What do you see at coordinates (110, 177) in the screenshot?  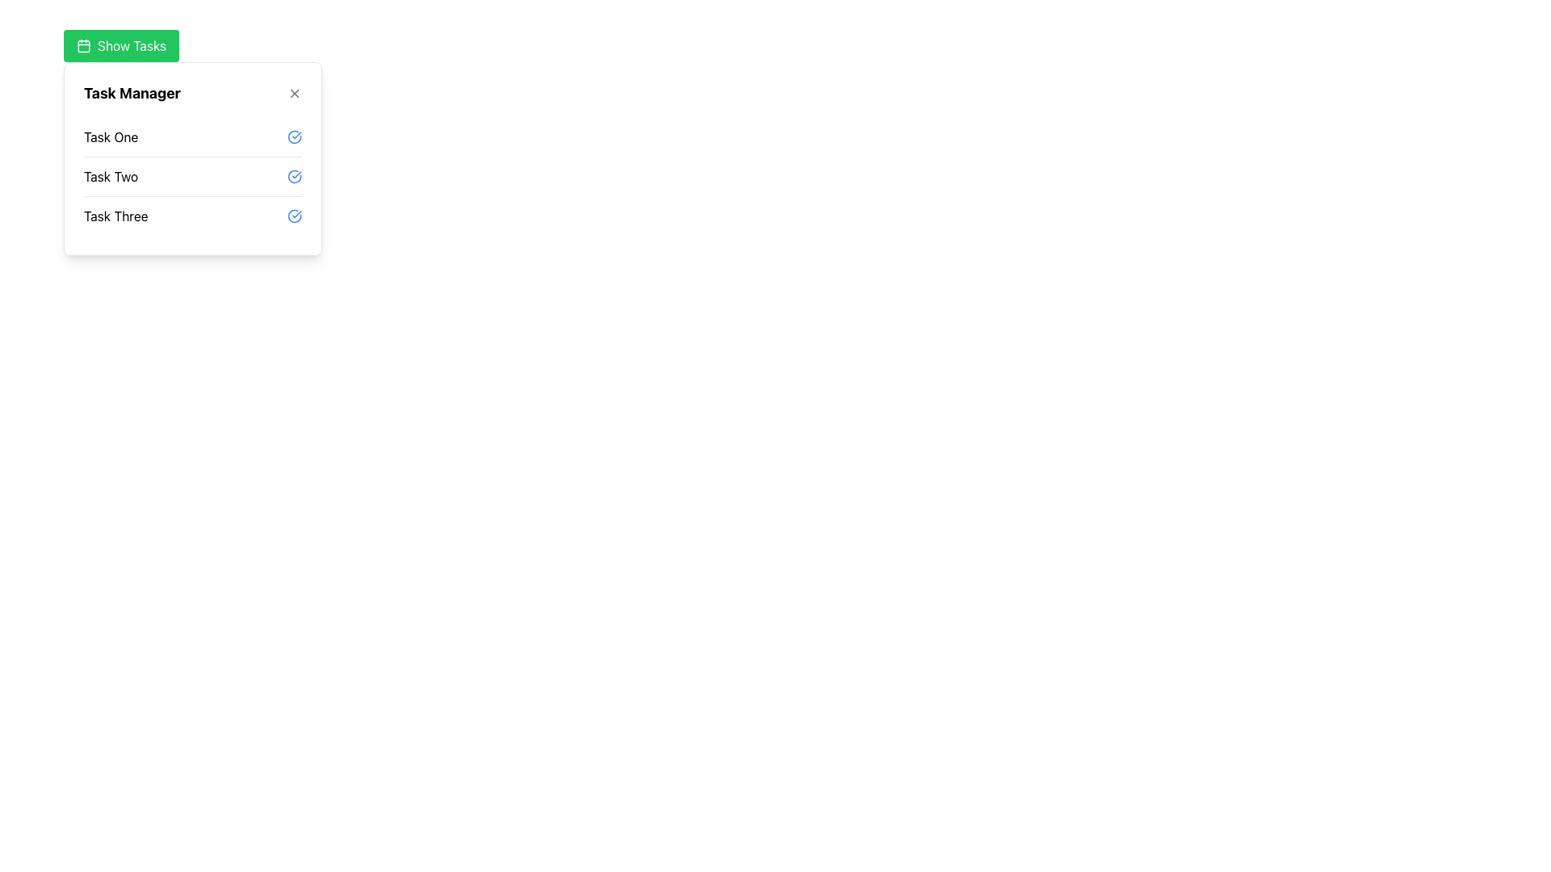 I see `the 'Task Two' text label in the 'Task Manager' panel, which displays the text in bold and clear font, positioned below 'Task One' and above 'Task Three'` at bounding box center [110, 177].